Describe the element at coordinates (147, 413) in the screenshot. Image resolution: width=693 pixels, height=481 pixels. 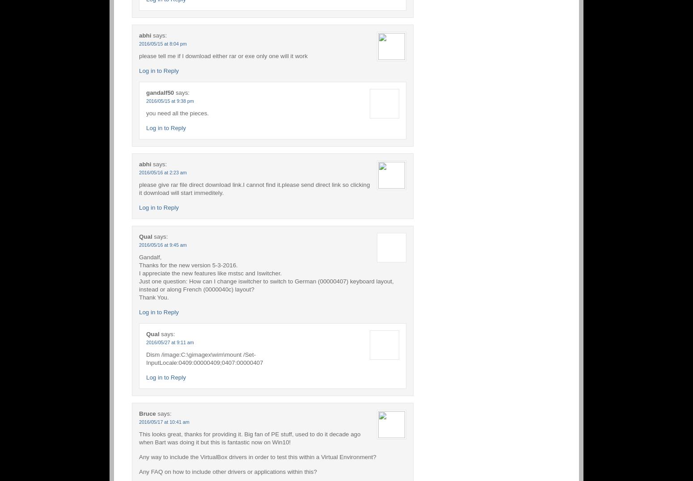
I see `'Bruce'` at that location.